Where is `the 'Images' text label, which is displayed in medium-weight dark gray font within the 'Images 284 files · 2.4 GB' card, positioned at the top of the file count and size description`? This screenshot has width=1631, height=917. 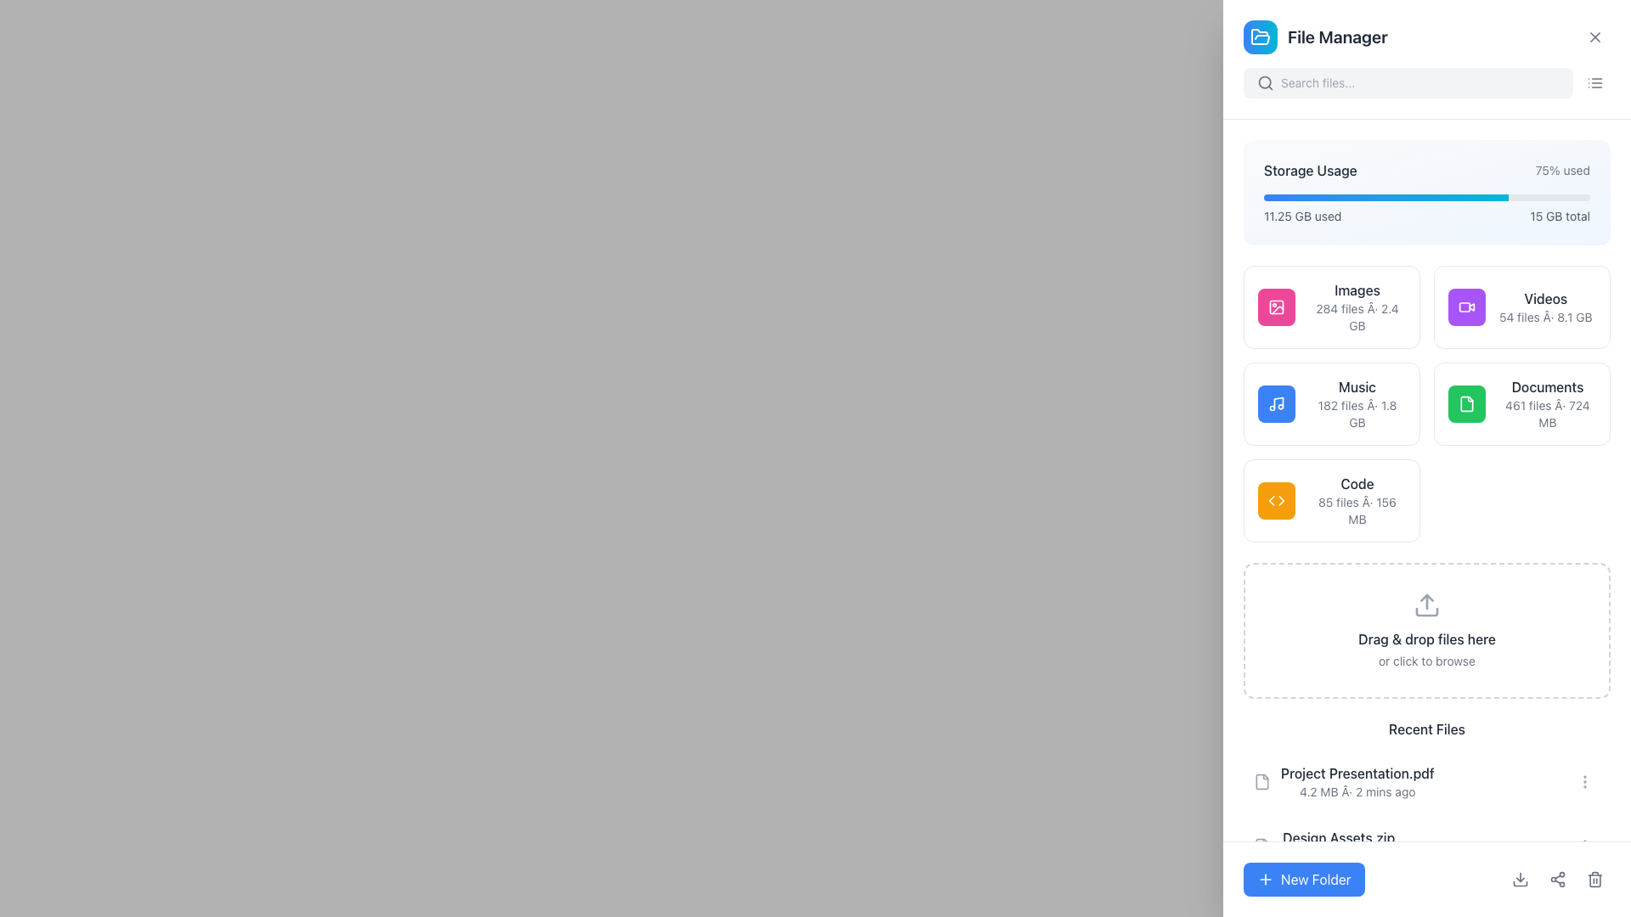
the 'Images' text label, which is displayed in medium-weight dark gray font within the 'Images 284 files · 2.4 GB' card, positioned at the top of the file count and size description is located at coordinates (1357, 290).